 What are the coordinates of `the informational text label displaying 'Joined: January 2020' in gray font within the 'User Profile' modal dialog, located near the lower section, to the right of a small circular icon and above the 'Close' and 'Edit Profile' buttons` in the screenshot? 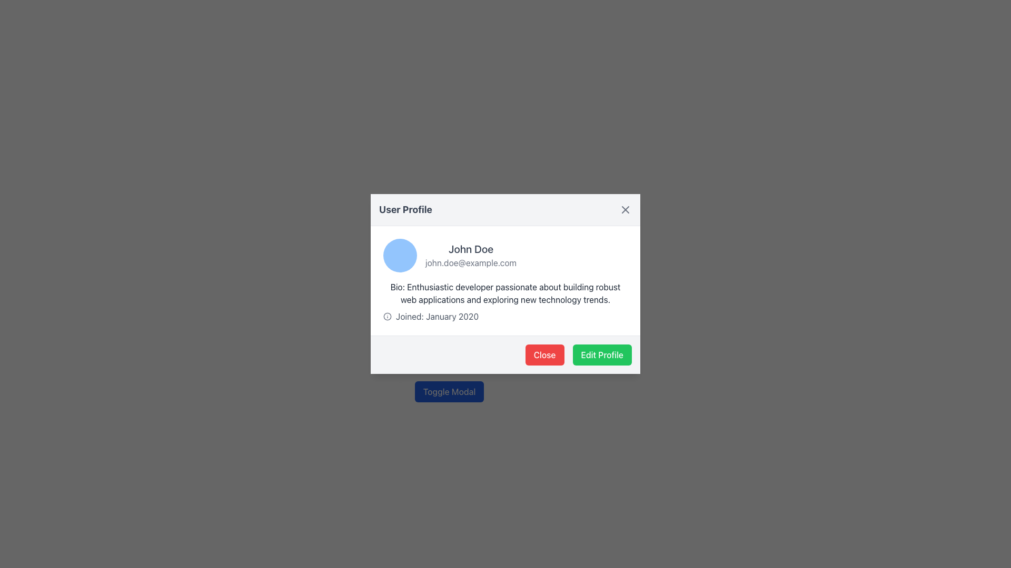 It's located at (437, 316).